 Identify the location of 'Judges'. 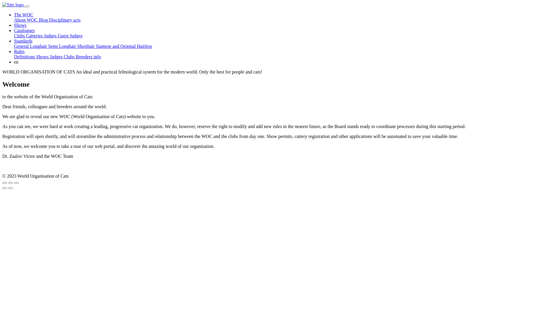
(57, 57).